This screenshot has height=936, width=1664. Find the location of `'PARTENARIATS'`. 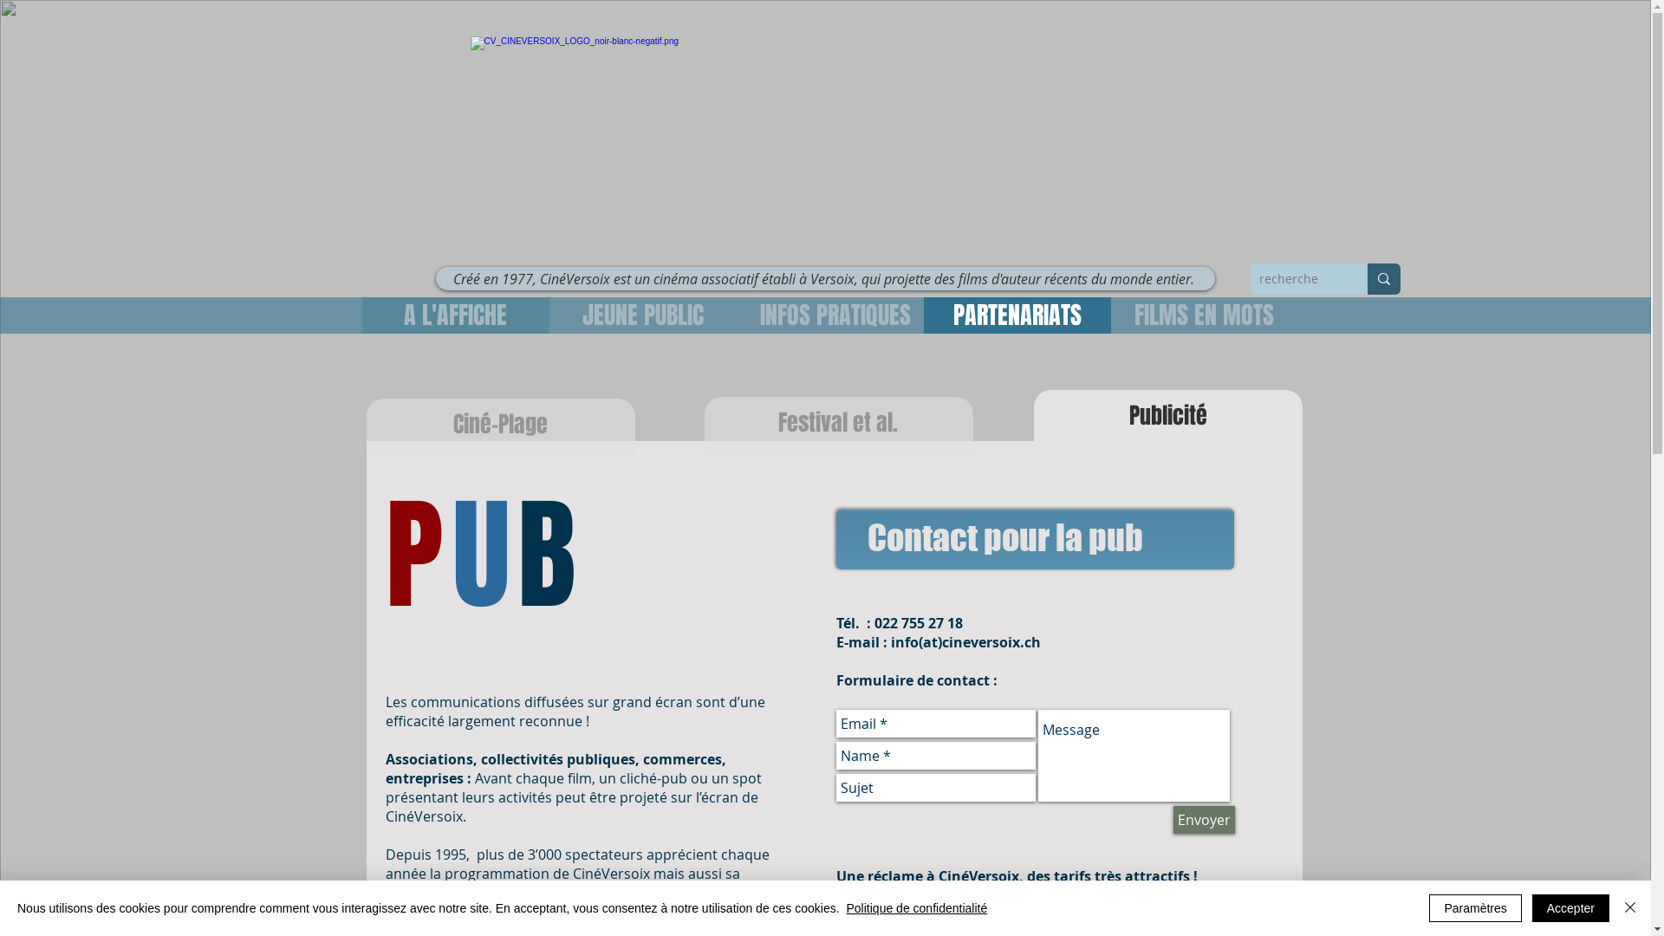

'PARTENARIATS' is located at coordinates (1017, 315).